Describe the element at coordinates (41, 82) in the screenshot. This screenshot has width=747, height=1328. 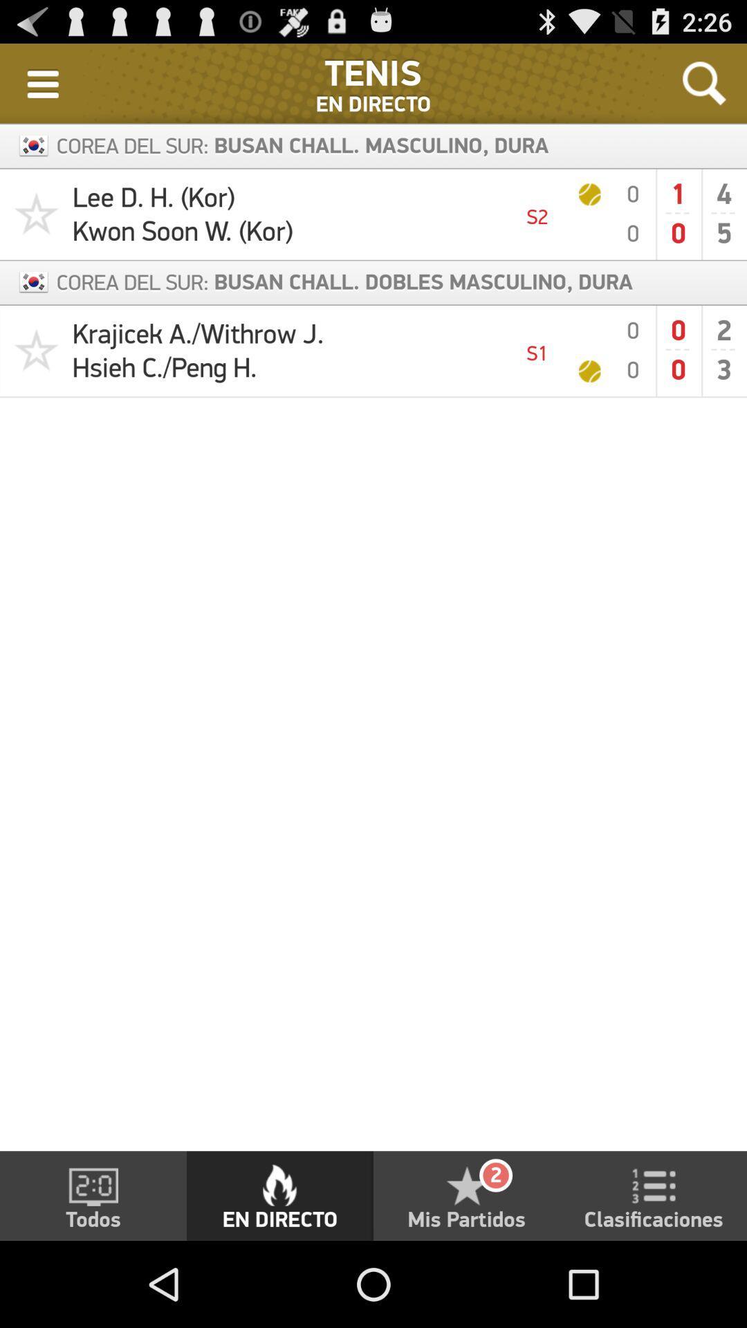
I see `icon next to :  item` at that location.